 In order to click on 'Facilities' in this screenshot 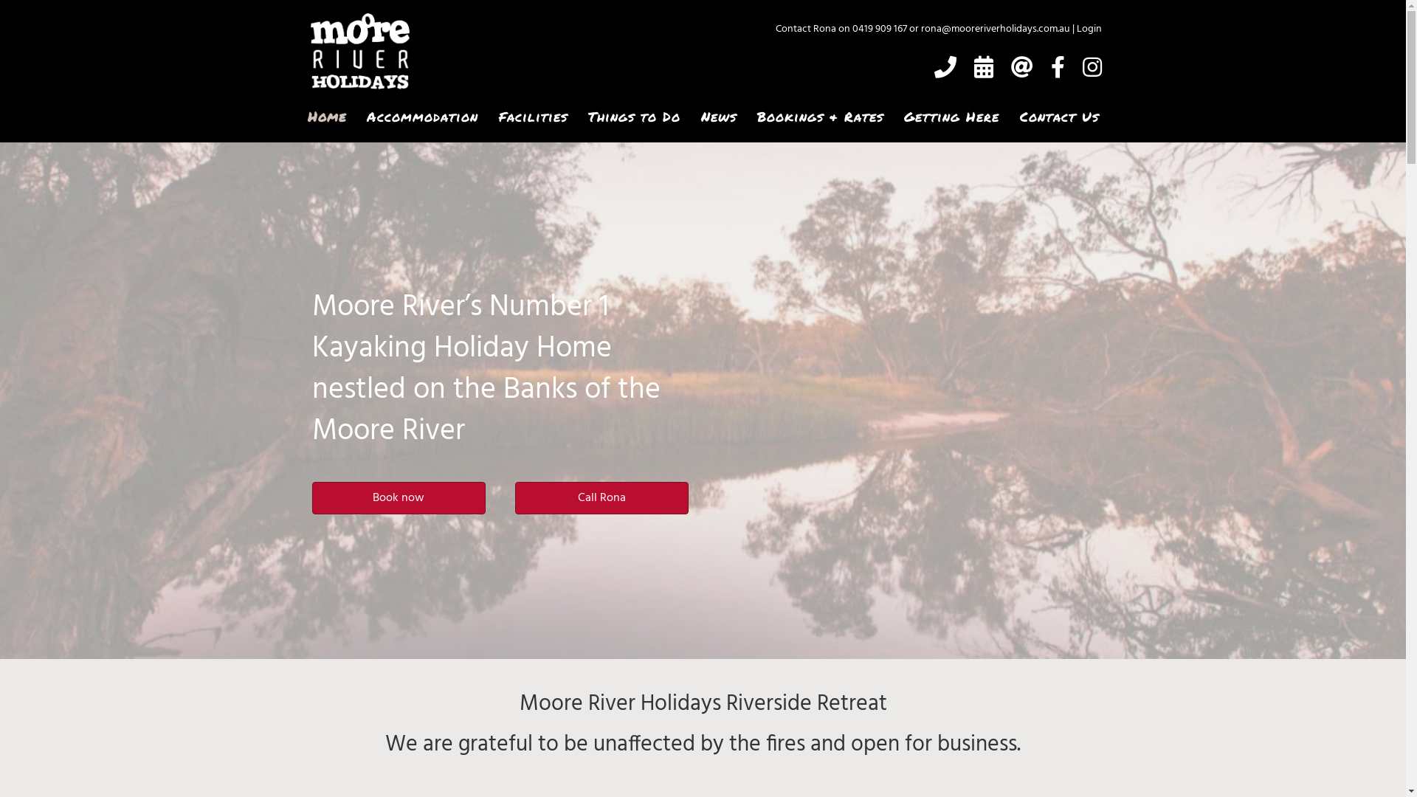, I will do `click(531, 116)`.